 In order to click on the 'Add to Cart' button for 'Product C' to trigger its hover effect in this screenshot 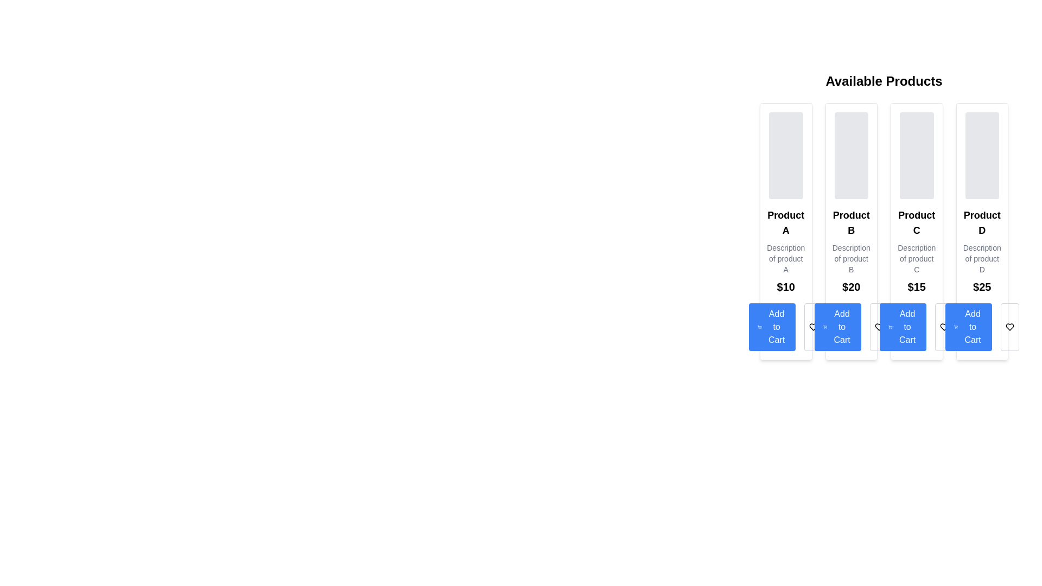, I will do `click(916, 326)`.